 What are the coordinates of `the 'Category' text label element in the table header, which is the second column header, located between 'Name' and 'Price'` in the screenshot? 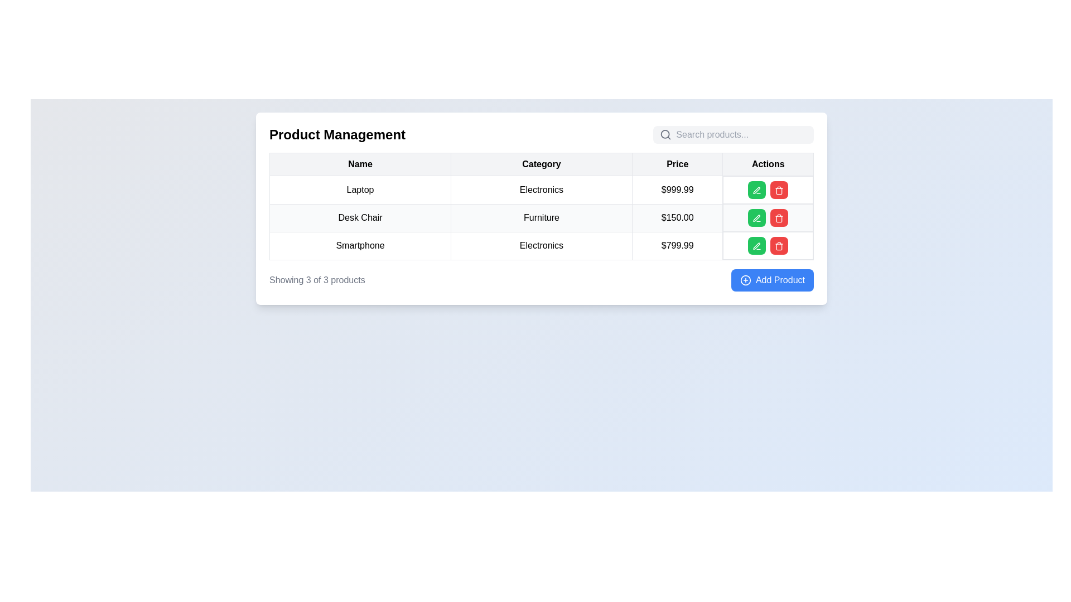 It's located at (541, 164).